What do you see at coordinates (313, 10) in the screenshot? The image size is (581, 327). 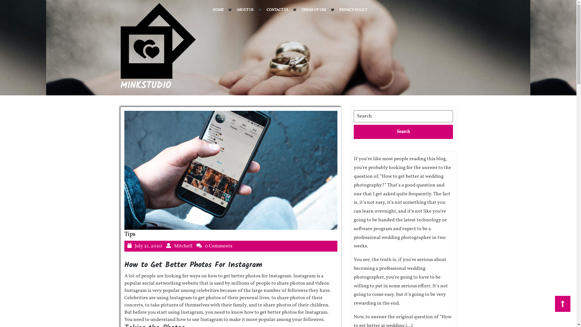 I see `'TERMS OF USE'` at bounding box center [313, 10].